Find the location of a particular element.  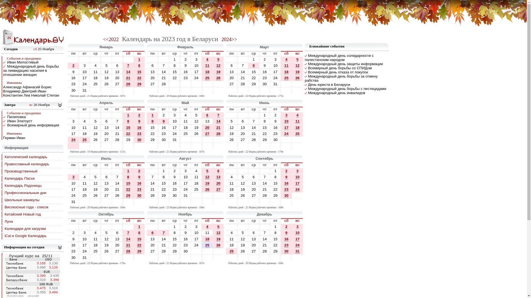

'2' is located at coordinates (163, 115).